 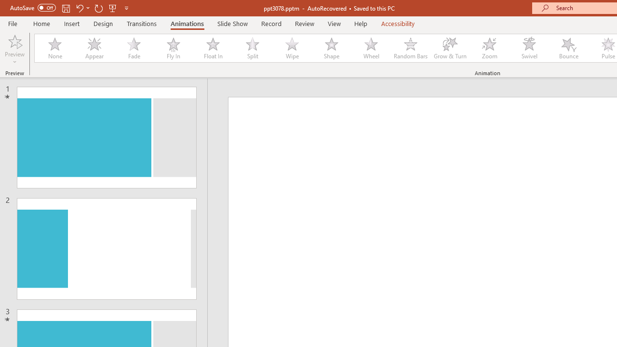 I want to click on 'Grow & Turn', so click(x=450, y=48).